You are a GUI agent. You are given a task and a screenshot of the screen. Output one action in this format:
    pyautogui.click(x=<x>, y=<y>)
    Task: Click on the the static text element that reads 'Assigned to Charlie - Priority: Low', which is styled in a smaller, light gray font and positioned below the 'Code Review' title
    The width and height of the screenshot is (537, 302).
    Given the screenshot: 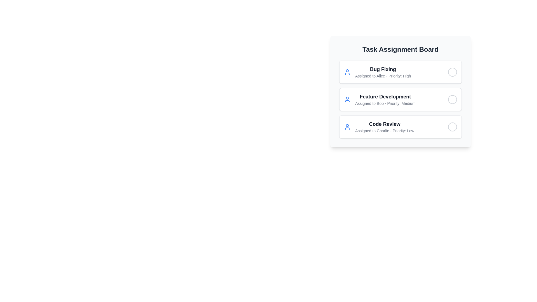 What is the action you would take?
    pyautogui.click(x=384, y=131)
    